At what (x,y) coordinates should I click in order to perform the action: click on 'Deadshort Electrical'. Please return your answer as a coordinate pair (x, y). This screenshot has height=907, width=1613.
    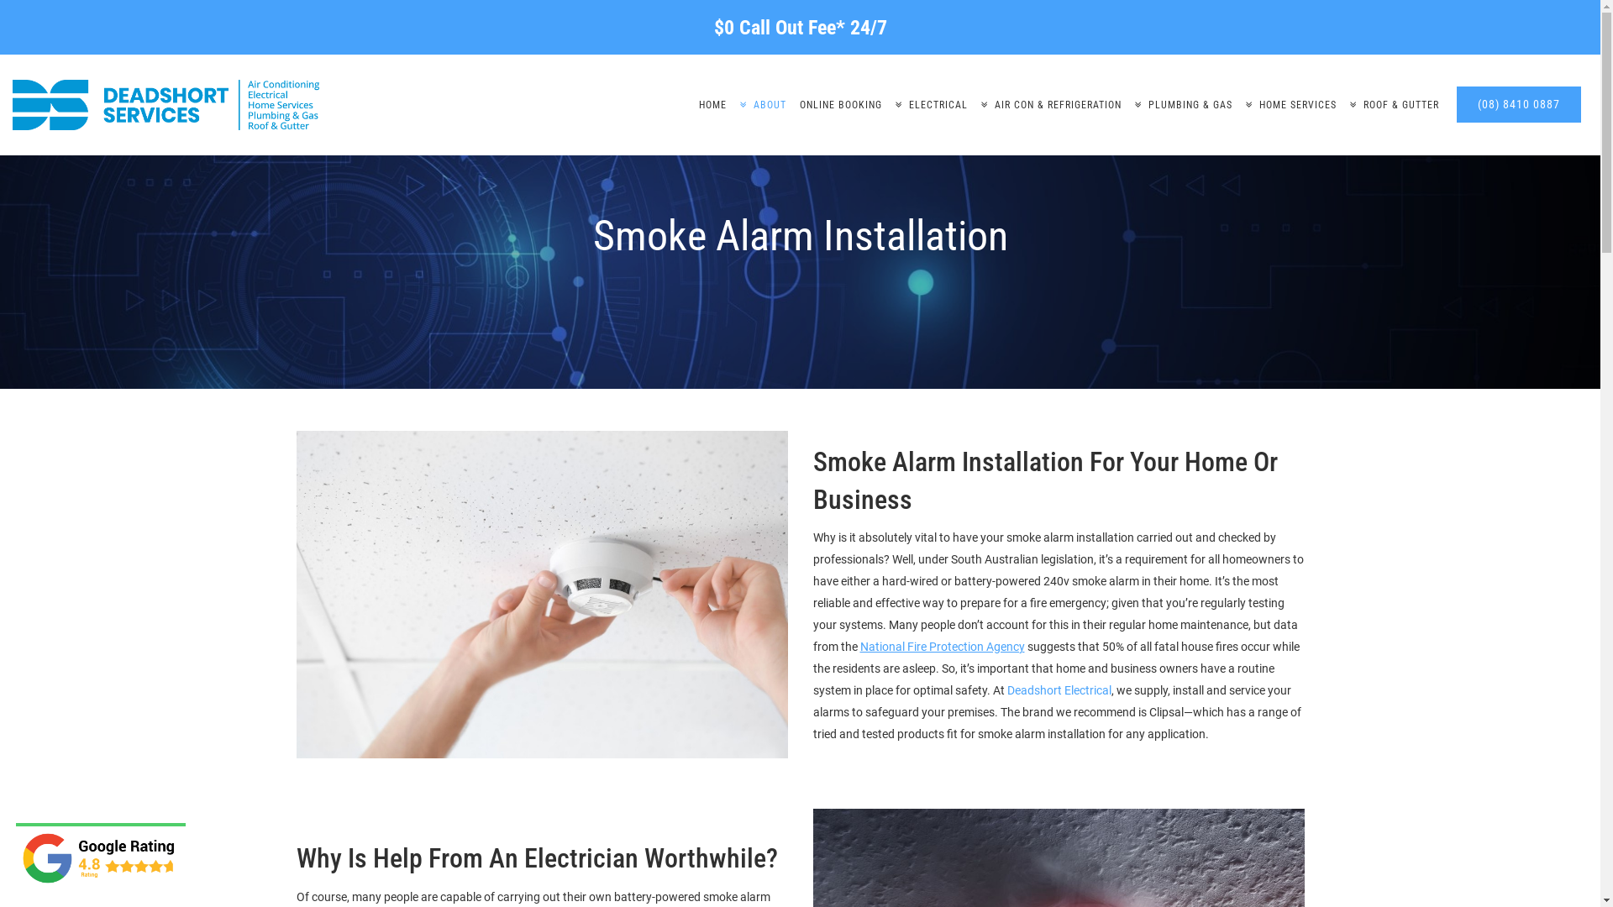
    Looking at the image, I should click on (1006, 689).